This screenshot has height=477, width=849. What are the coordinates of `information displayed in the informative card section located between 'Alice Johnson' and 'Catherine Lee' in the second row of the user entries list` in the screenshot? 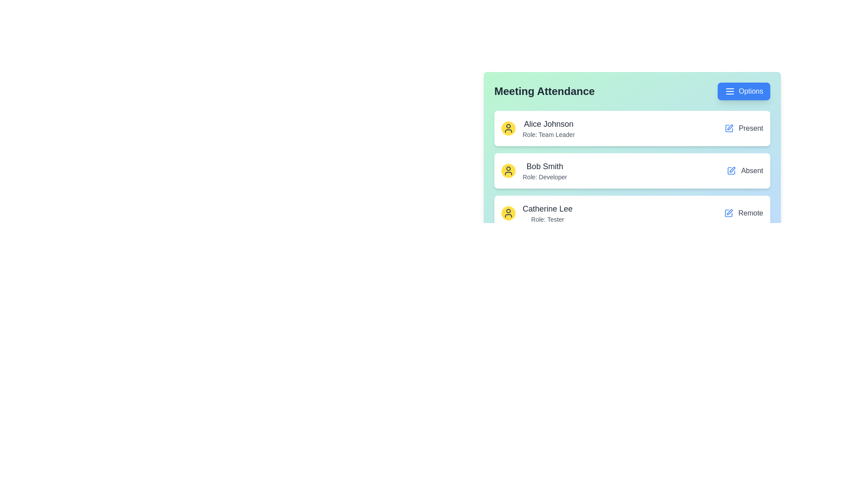 It's located at (534, 170).